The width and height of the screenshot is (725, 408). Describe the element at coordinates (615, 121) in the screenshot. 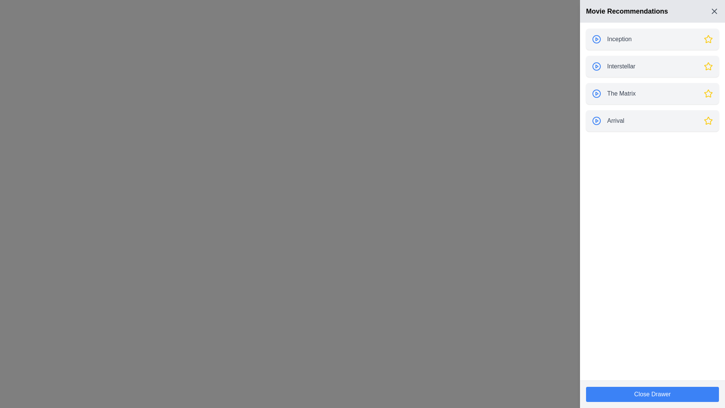

I see `the 'Arrival' text label, which is the fourth option in a vertical list of movie titles in the sidebar, aligned with a play button icon to its left and a star icon to its right` at that location.